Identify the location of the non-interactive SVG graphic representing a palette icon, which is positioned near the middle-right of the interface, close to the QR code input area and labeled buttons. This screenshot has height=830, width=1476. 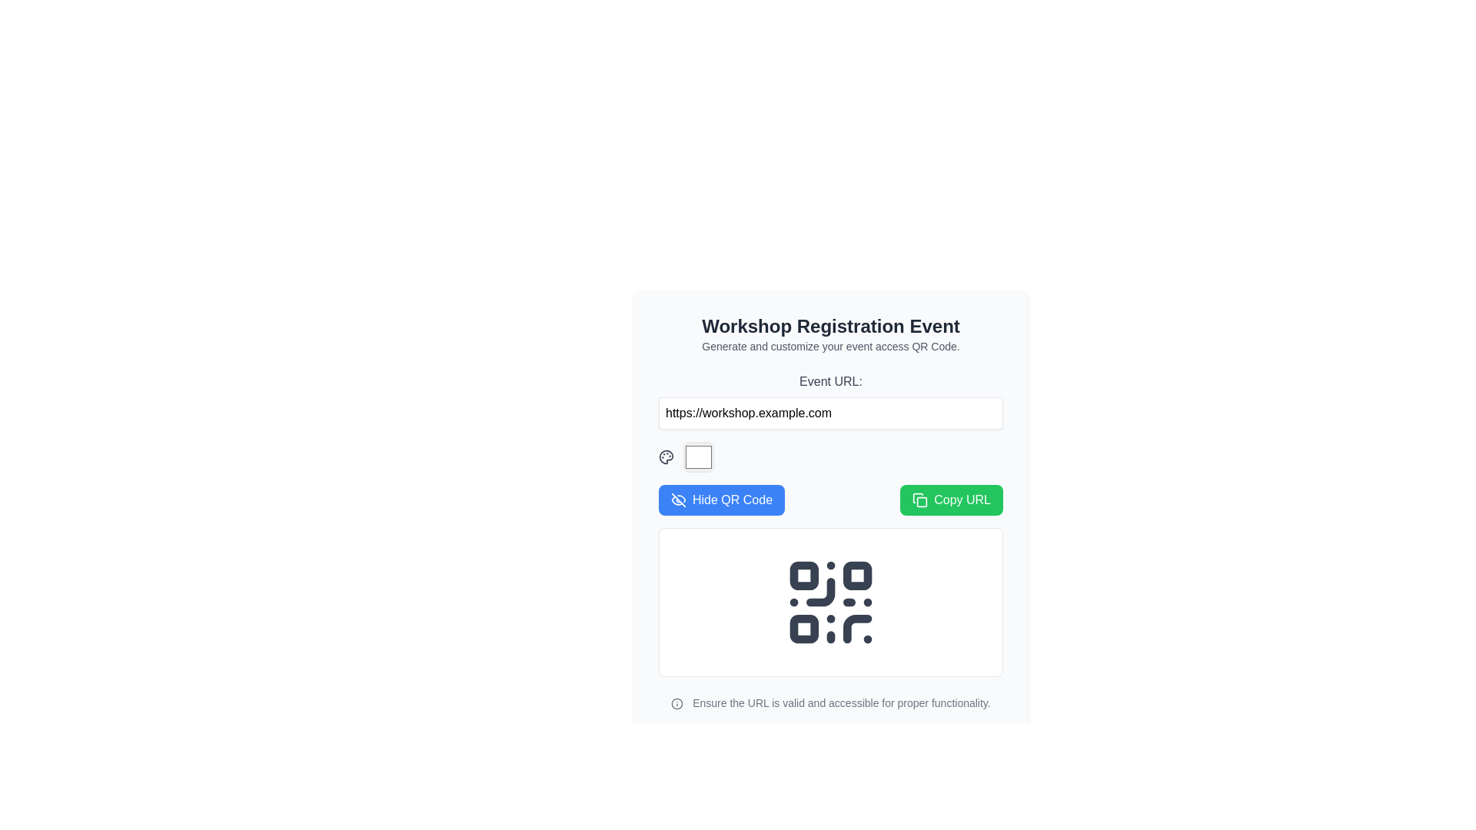
(667, 456).